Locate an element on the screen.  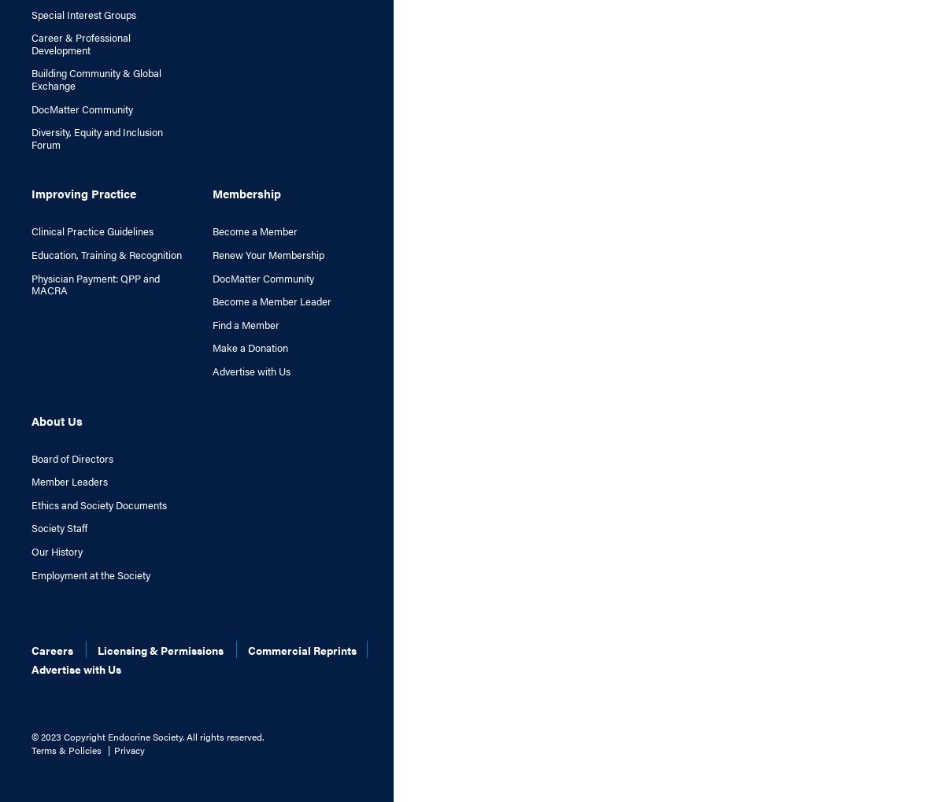
'Special Interest Groups' is located at coordinates (30, 13).